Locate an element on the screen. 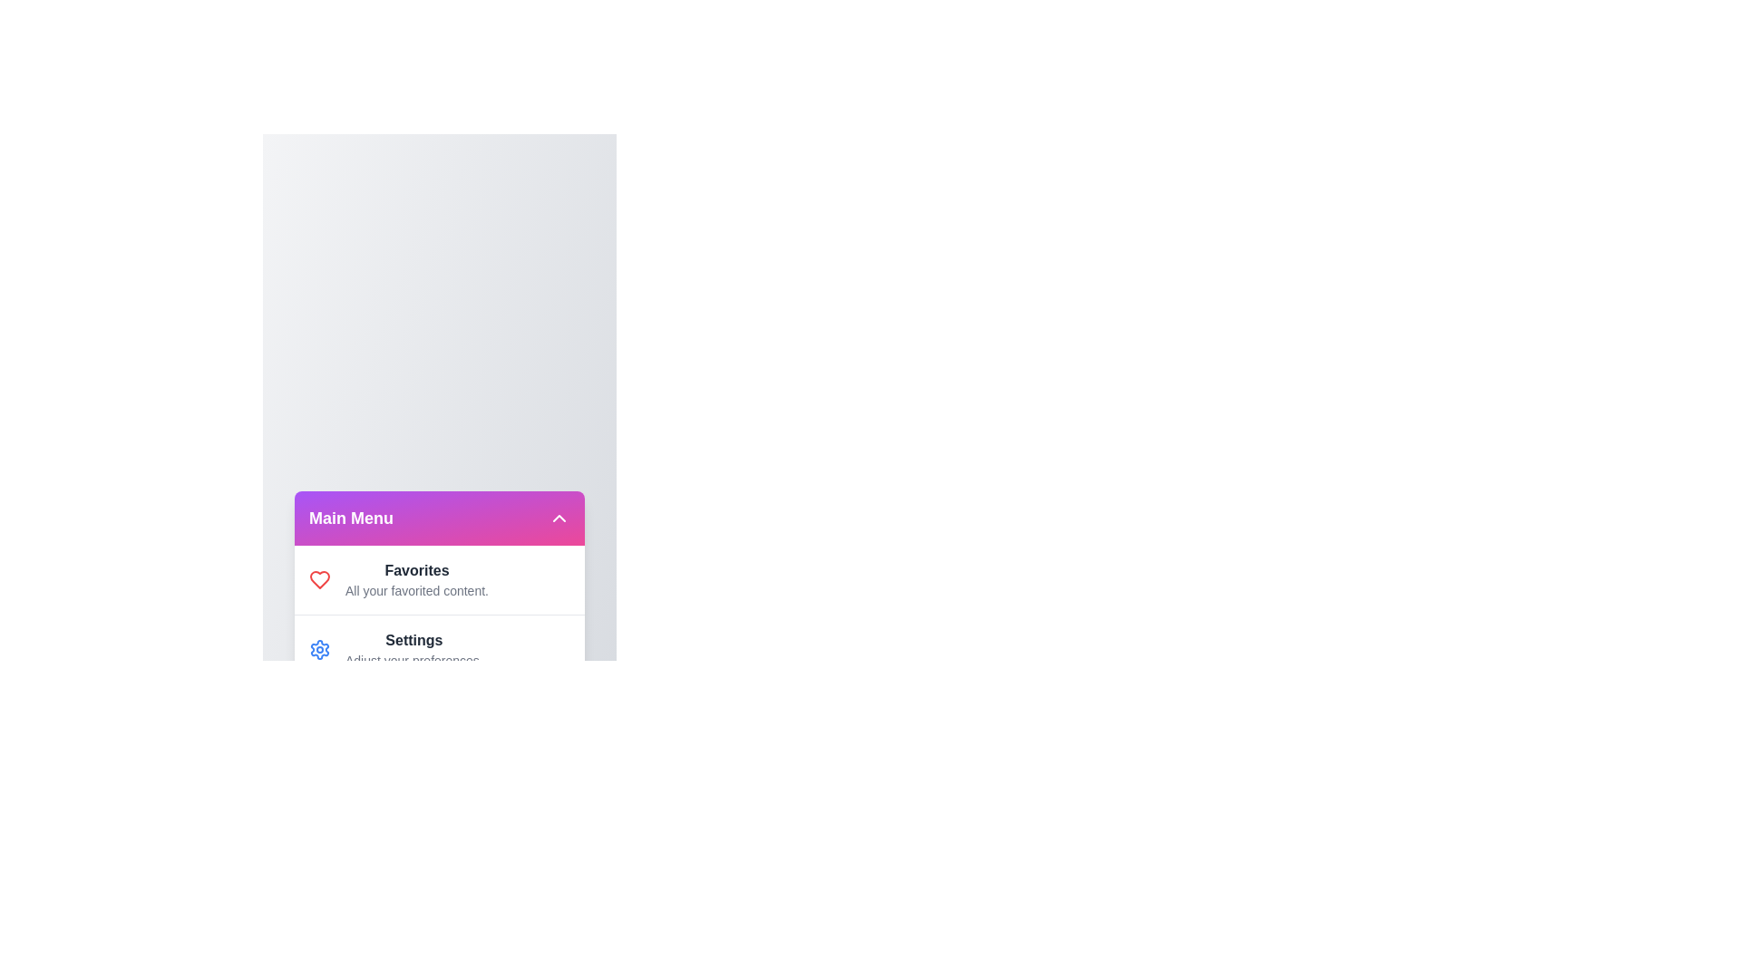  the menu item labeled 'Favorites' to observe the hover effect is located at coordinates (320, 579).